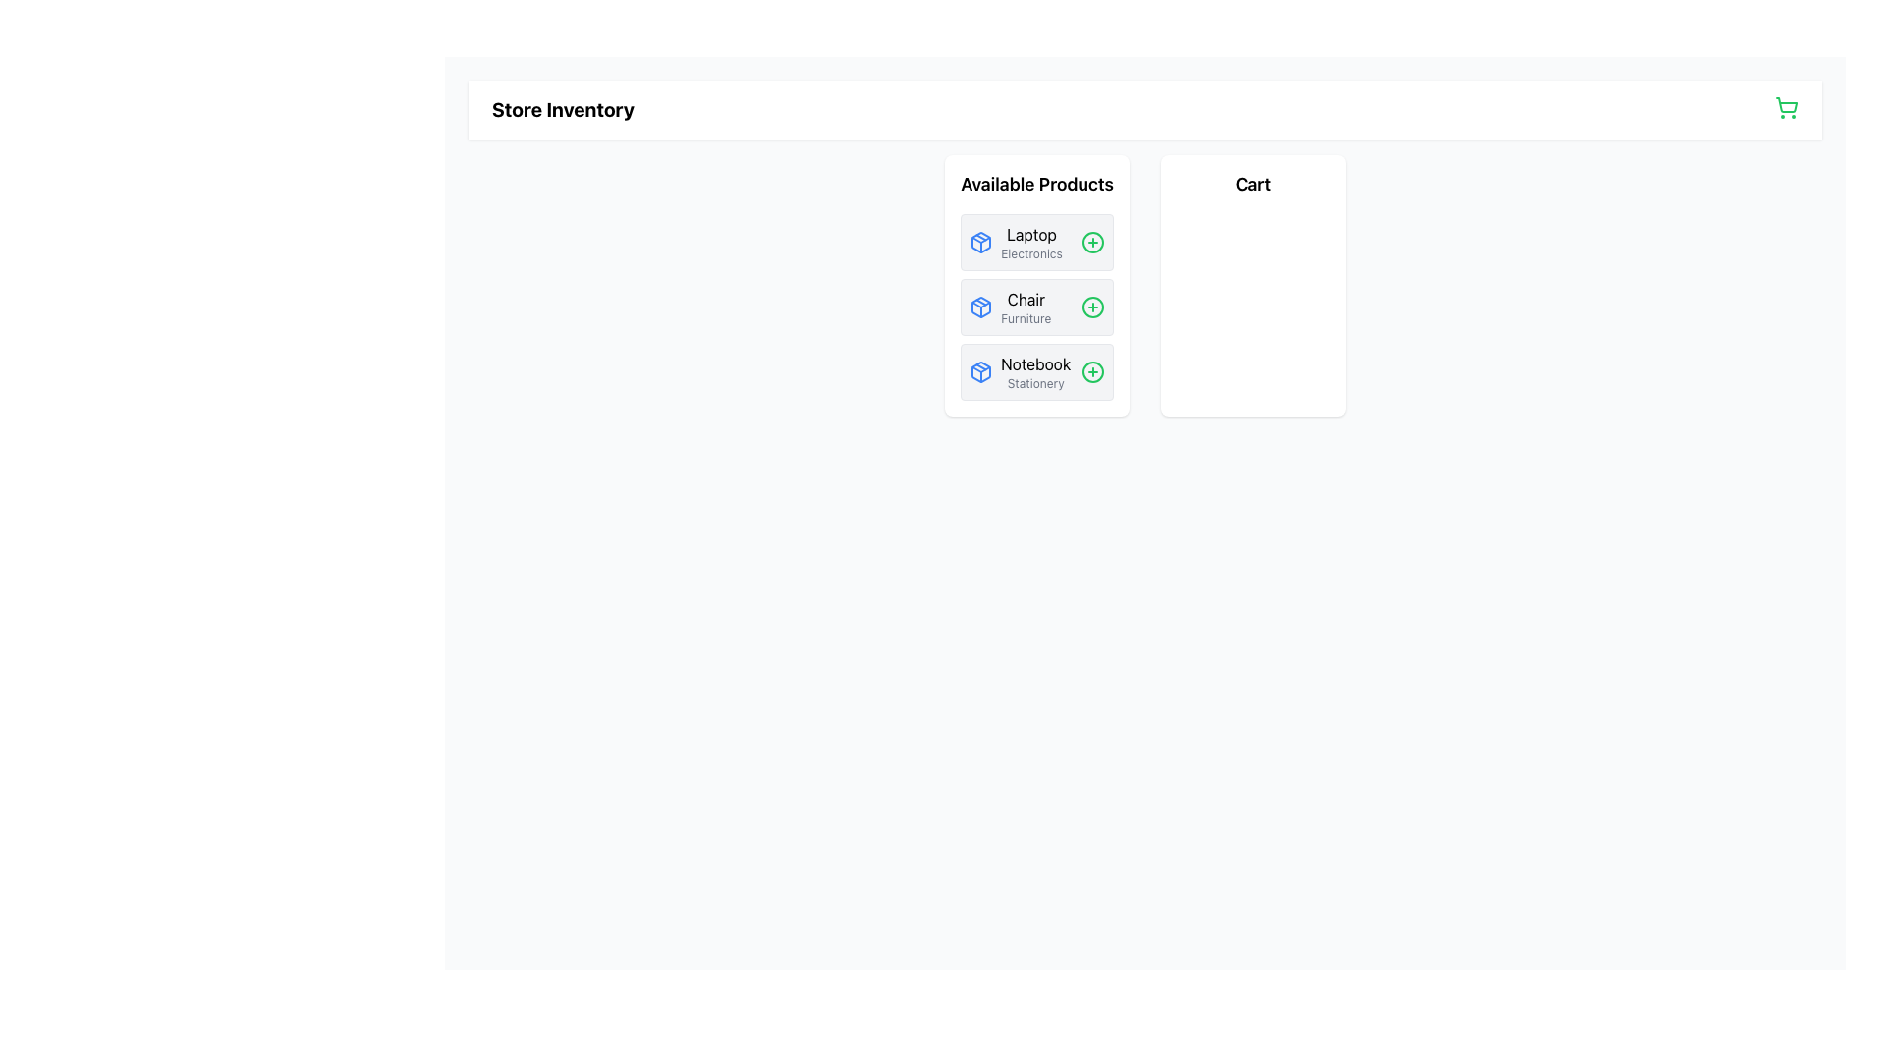  What do you see at coordinates (1030, 252) in the screenshot?
I see `the secondary descriptive text label categorizing 'Laptop' under the 'Electronics' category, located in the 'Available Products' section` at bounding box center [1030, 252].